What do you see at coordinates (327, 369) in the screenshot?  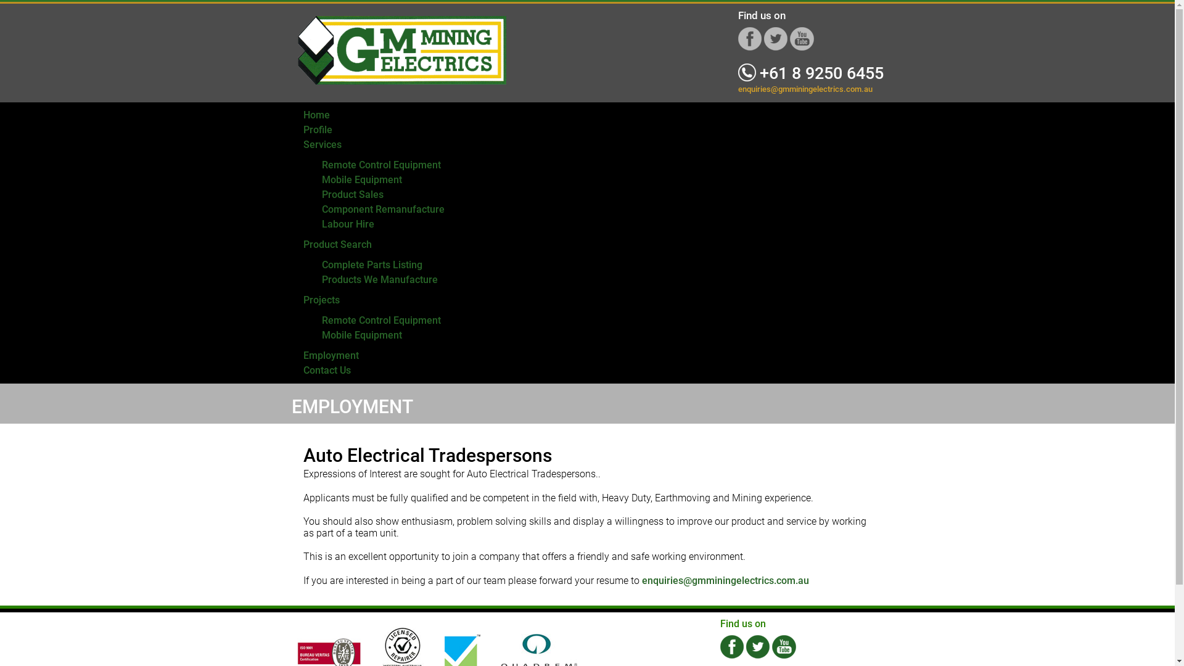 I see `'Contact Us'` at bounding box center [327, 369].